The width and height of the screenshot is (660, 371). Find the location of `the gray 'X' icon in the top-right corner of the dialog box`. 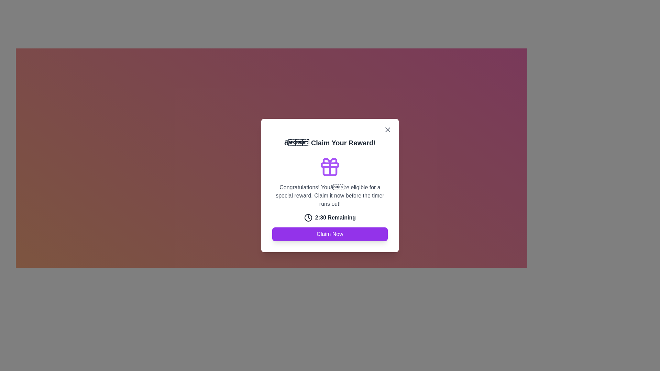

the gray 'X' icon in the top-right corner of the dialog box is located at coordinates (388, 130).